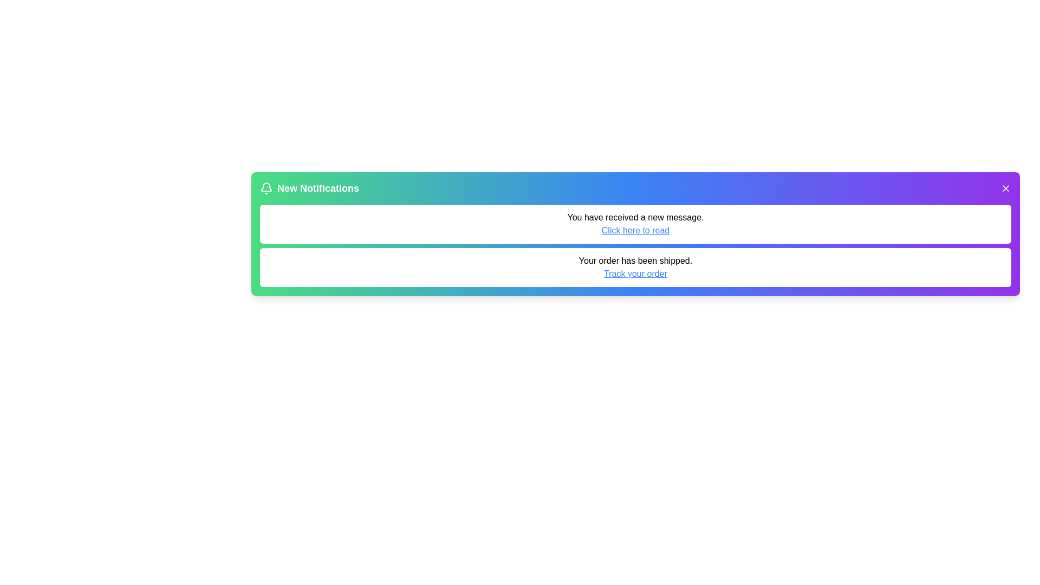 This screenshot has height=585, width=1040. Describe the element at coordinates (317, 187) in the screenshot. I see `text label that serves as a title or header for the notification section, located near the top-left corner of the notification box, following the bell icon` at that location.